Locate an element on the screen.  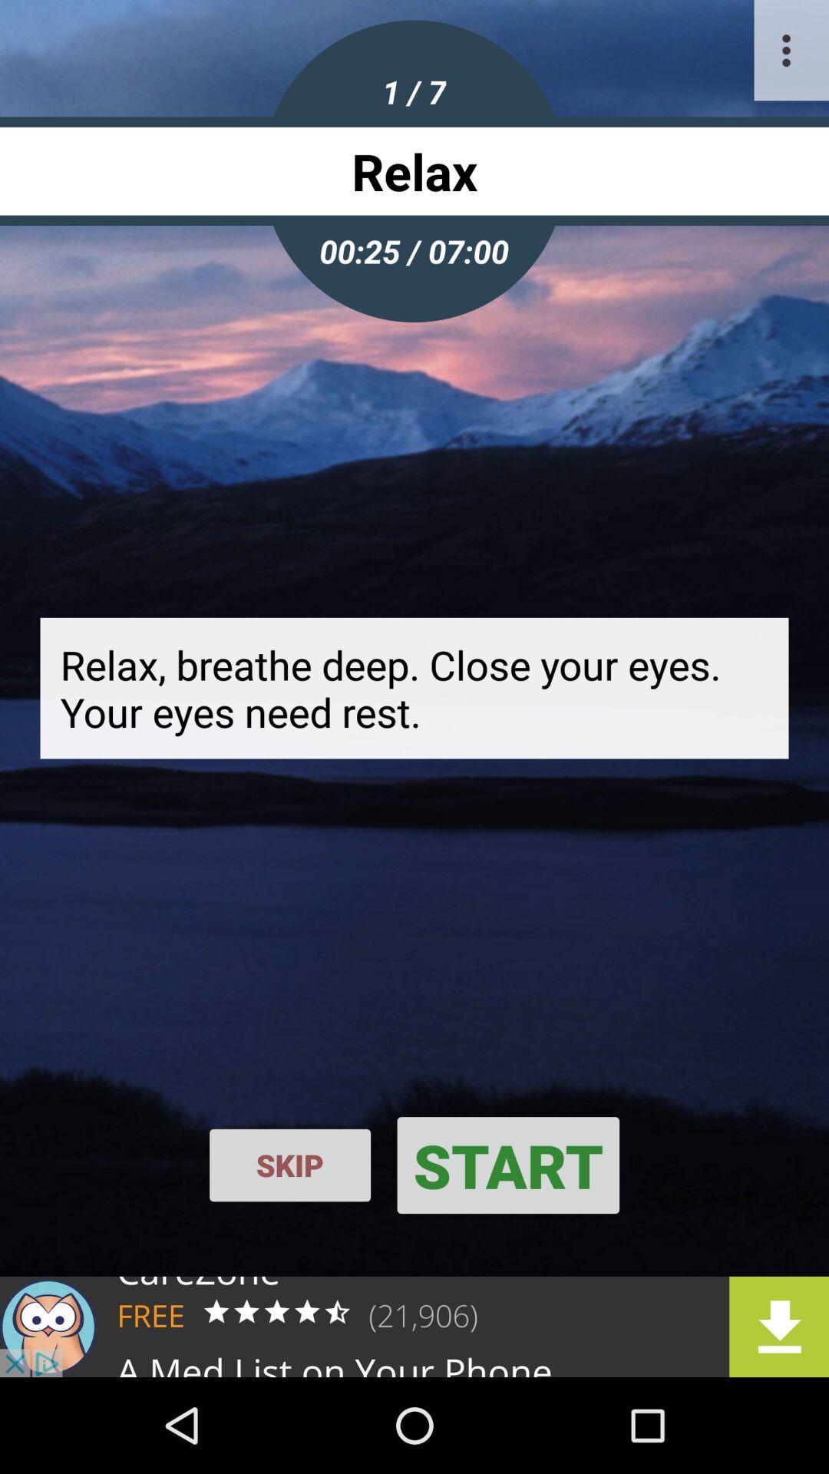
advertisement is located at coordinates (414, 1326).